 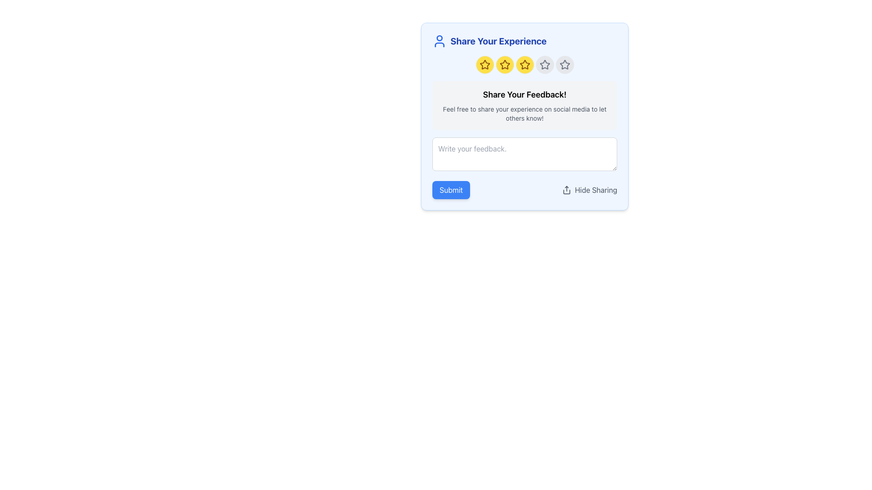 What do you see at coordinates (440, 45) in the screenshot?
I see `the lower portion of the user icon graphic, which is part of the feedback card component, located in the top-left corner` at bounding box center [440, 45].